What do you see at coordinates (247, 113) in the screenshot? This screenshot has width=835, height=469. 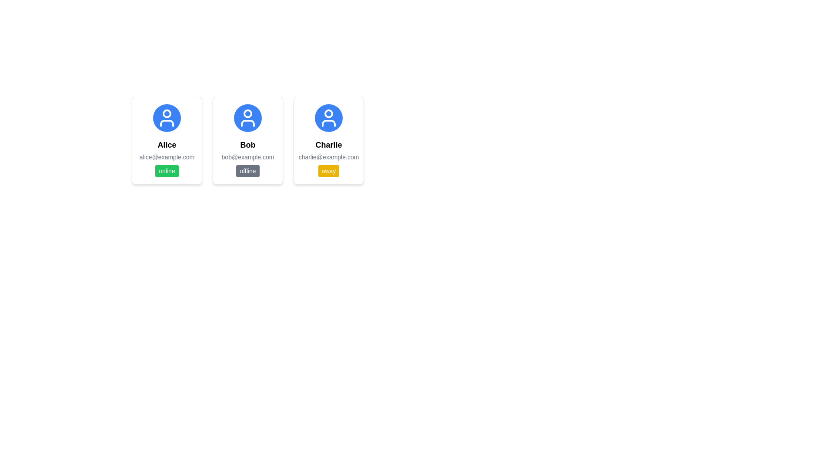 I see `the circular SVG element representing the user's head in the user profile icon located in the middle card (Bob)` at bounding box center [247, 113].